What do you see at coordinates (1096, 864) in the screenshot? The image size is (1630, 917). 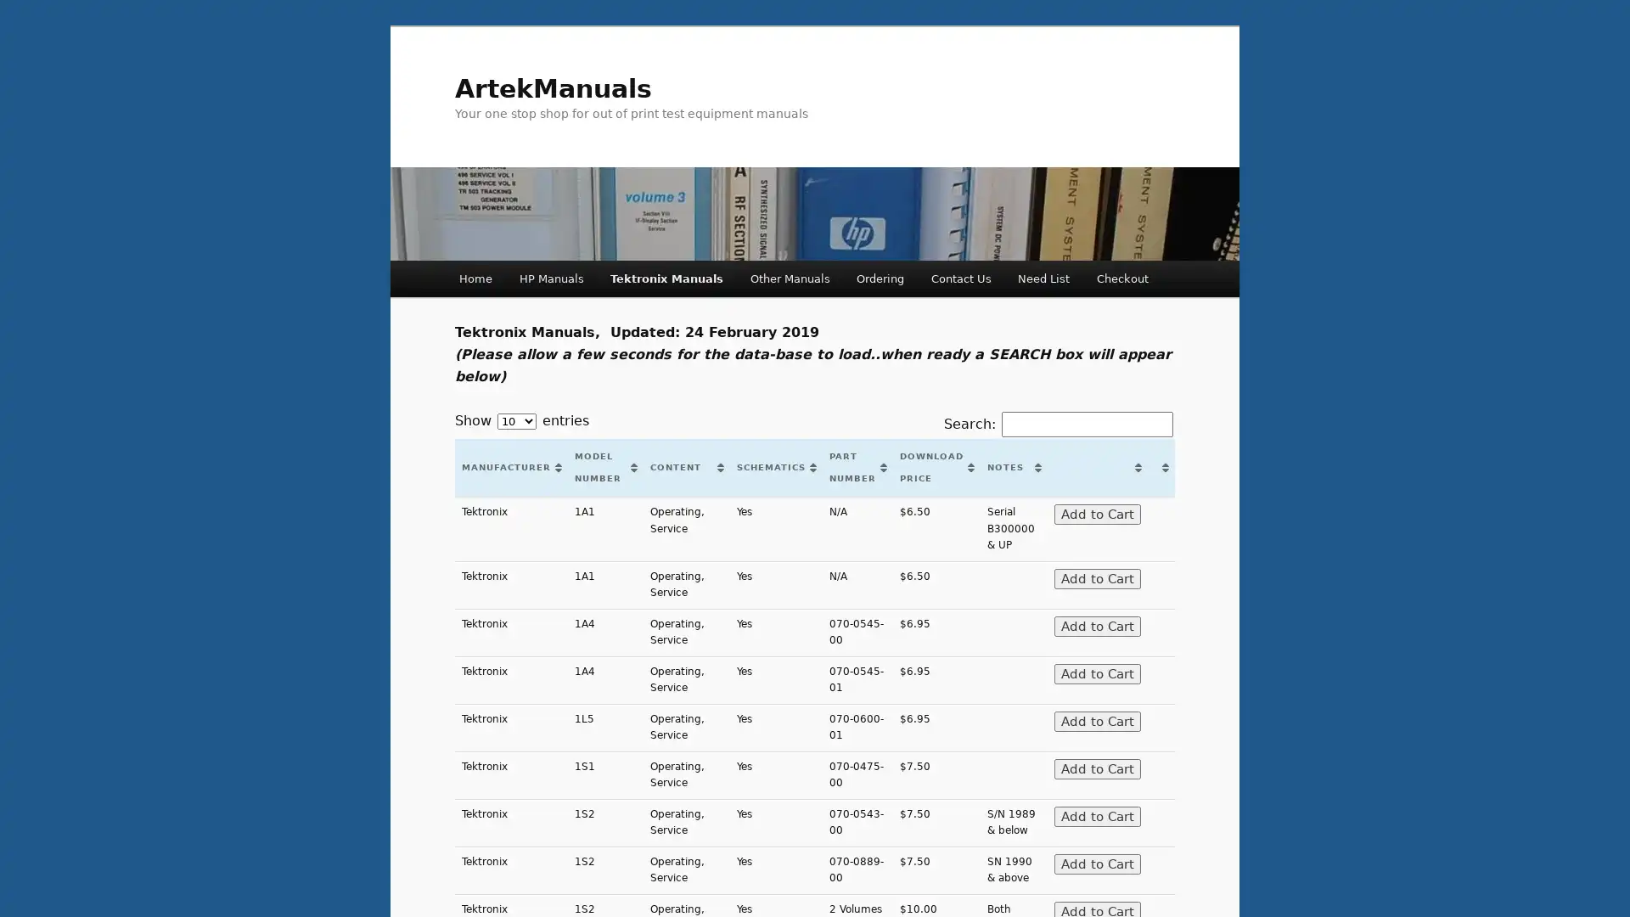 I see `Add to Cart` at bounding box center [1096, 864].